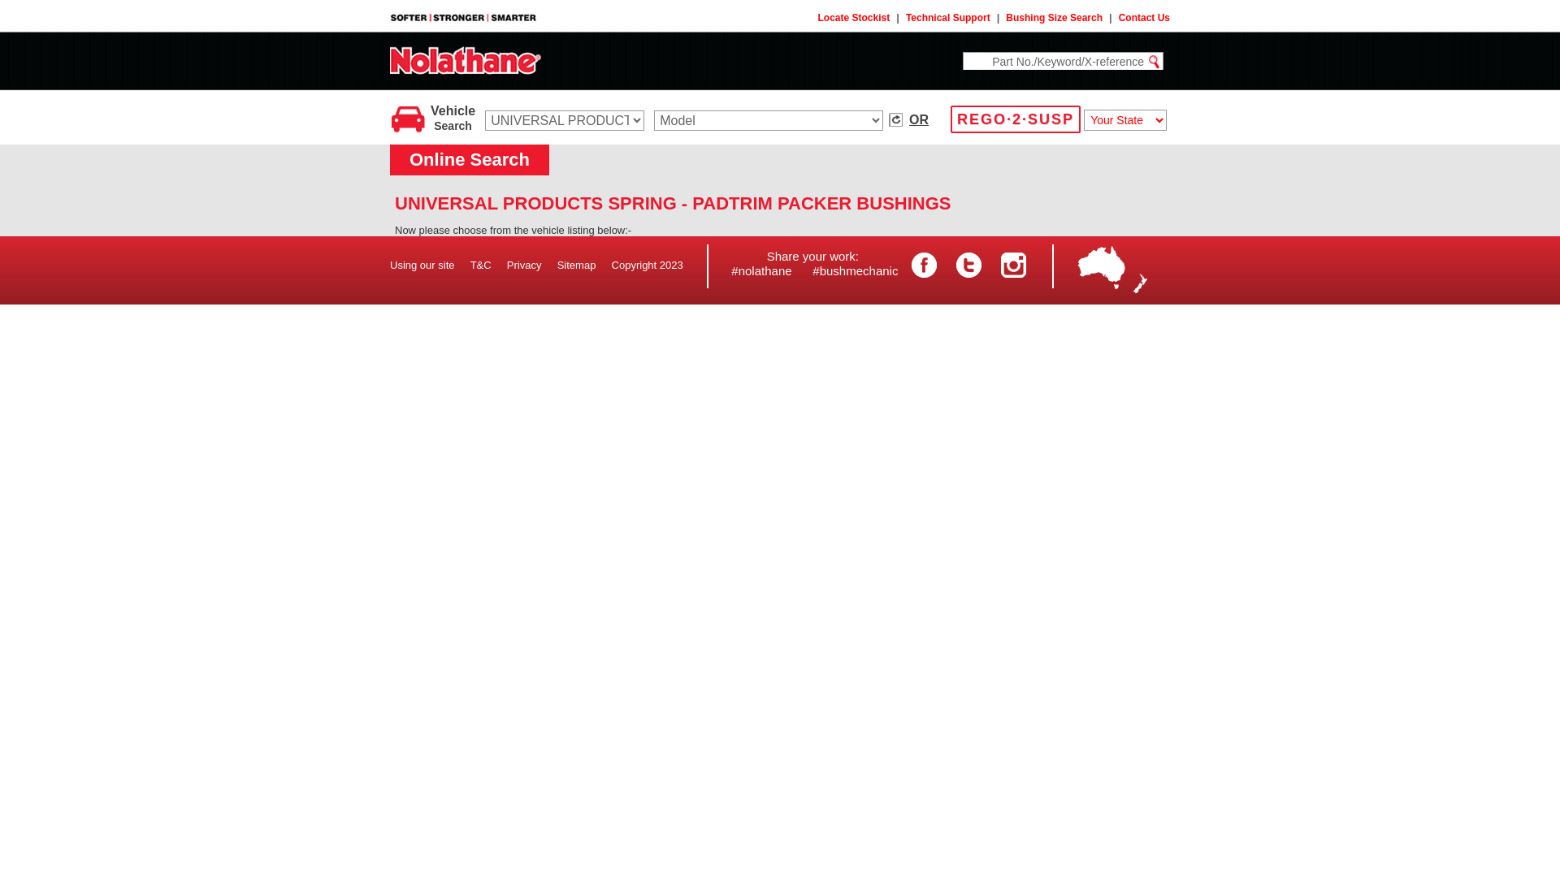  Describe the element at coordinates (947, 18) in the screenshot. I see `'Technical Support'` at that location.